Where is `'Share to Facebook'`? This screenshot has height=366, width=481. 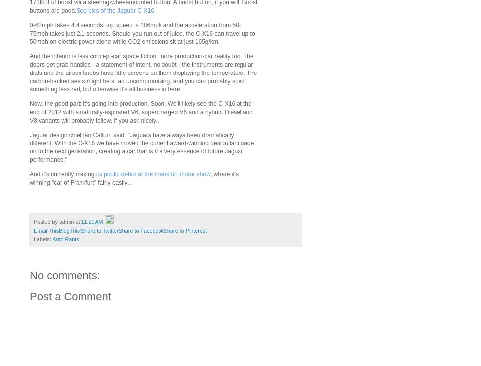 'Share to Facebook' is located at coordinates (140, 230).